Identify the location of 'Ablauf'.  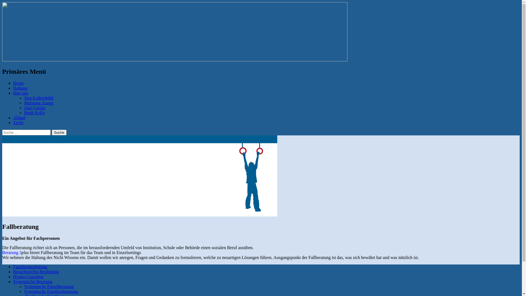
(19, 117).